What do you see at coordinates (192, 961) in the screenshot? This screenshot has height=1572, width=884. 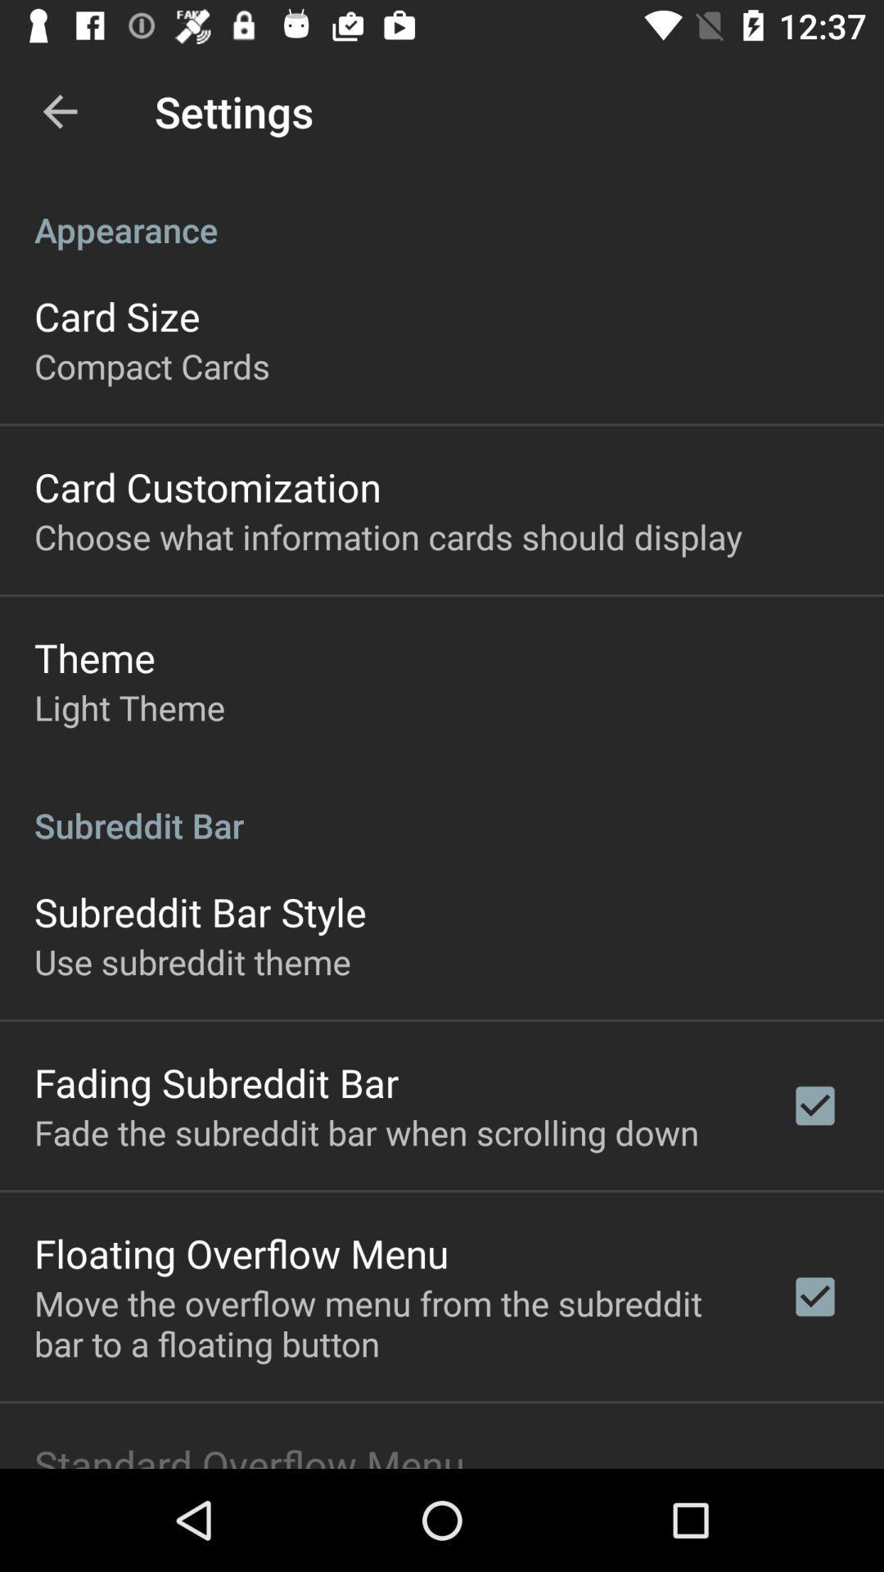 I see `the icon below the subreddit bar style` at bounding box center [192, 961].